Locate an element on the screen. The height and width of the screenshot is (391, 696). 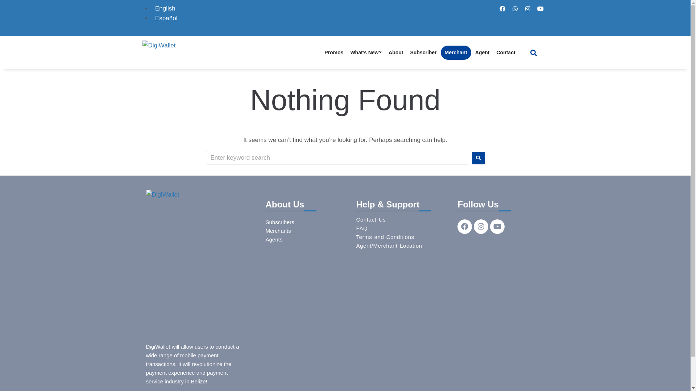
'Contact' is located at coordinates (505, 52).